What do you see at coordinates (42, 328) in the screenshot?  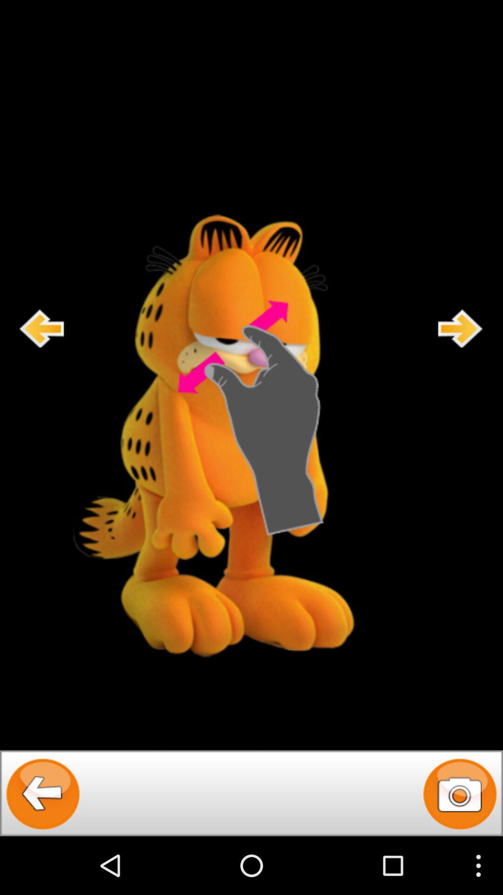 I see `previous` at bounding box center [42, 328].